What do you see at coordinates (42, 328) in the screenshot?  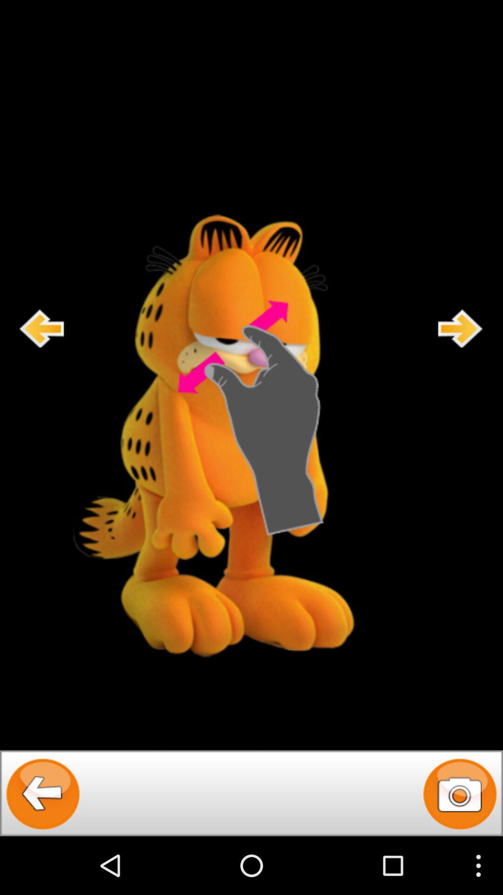 I see `previous` at bounding box center [42, 328].